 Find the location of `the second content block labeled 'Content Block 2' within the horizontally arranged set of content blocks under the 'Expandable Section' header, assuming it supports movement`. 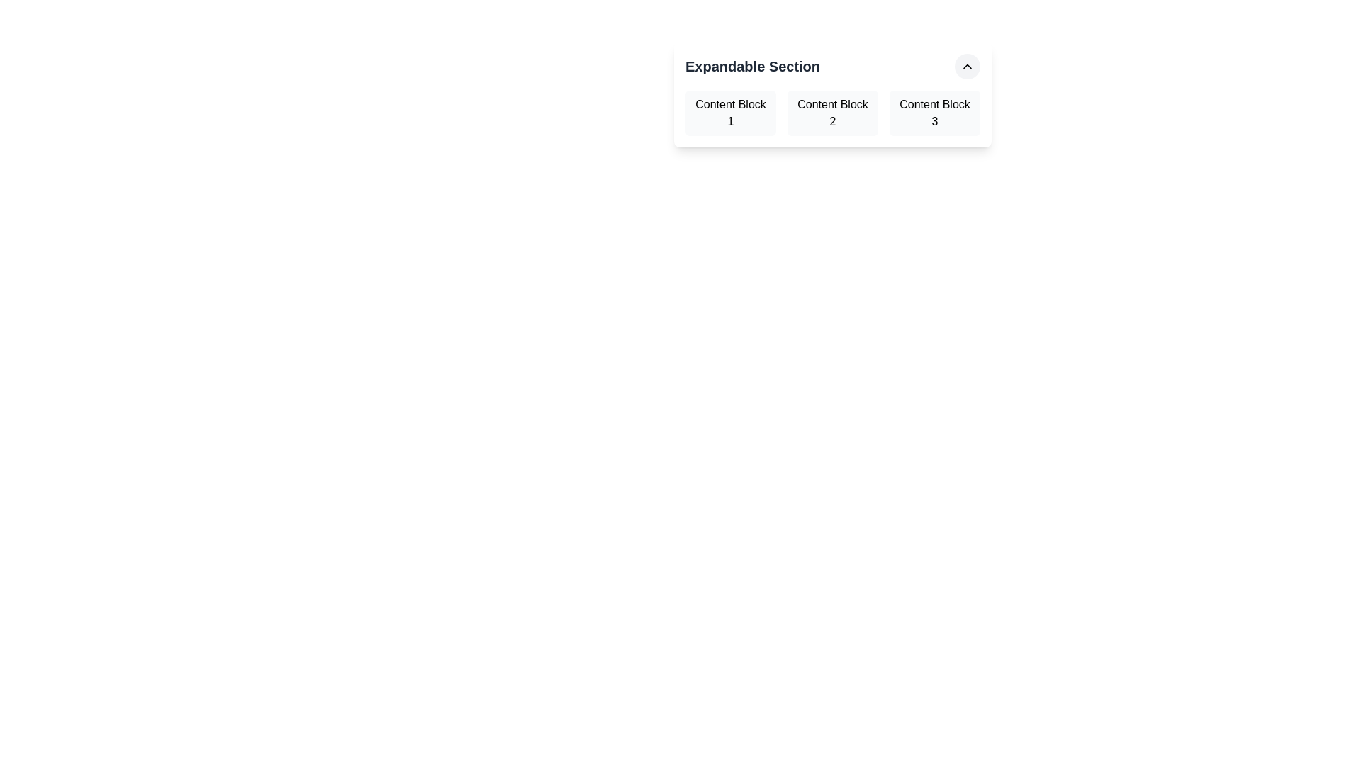

the second content block labeled 'Content Block 2' within the horizontally arranged set of content blocks under the 'Expandable Section' header, assuming it supports movement is located at coordinates (833, 112).